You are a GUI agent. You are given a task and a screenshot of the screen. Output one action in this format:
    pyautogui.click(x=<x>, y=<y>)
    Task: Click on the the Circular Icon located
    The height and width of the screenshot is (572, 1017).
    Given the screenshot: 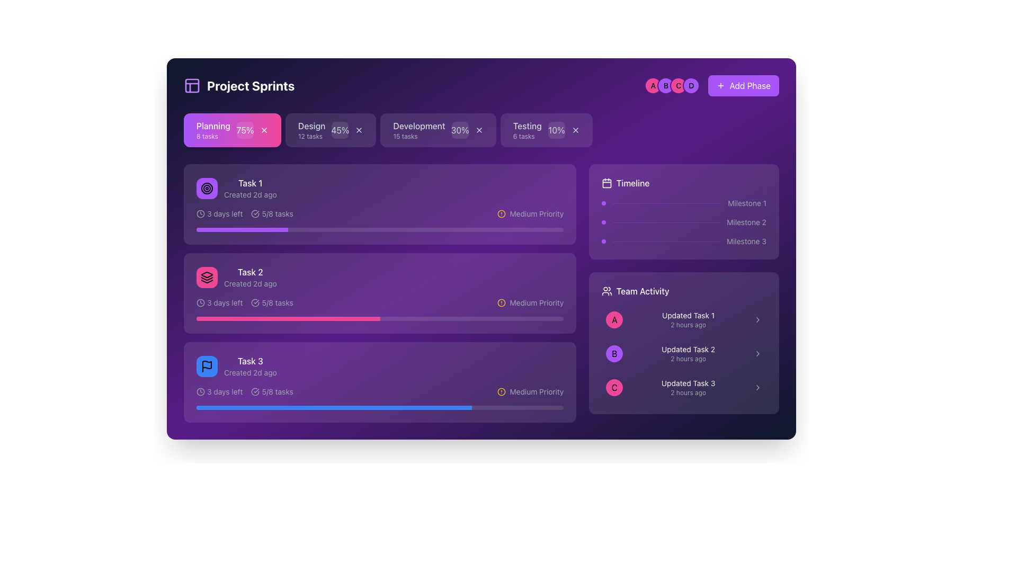 What is the action you would take?
    pyautogui.click(x=614, y=388)
    